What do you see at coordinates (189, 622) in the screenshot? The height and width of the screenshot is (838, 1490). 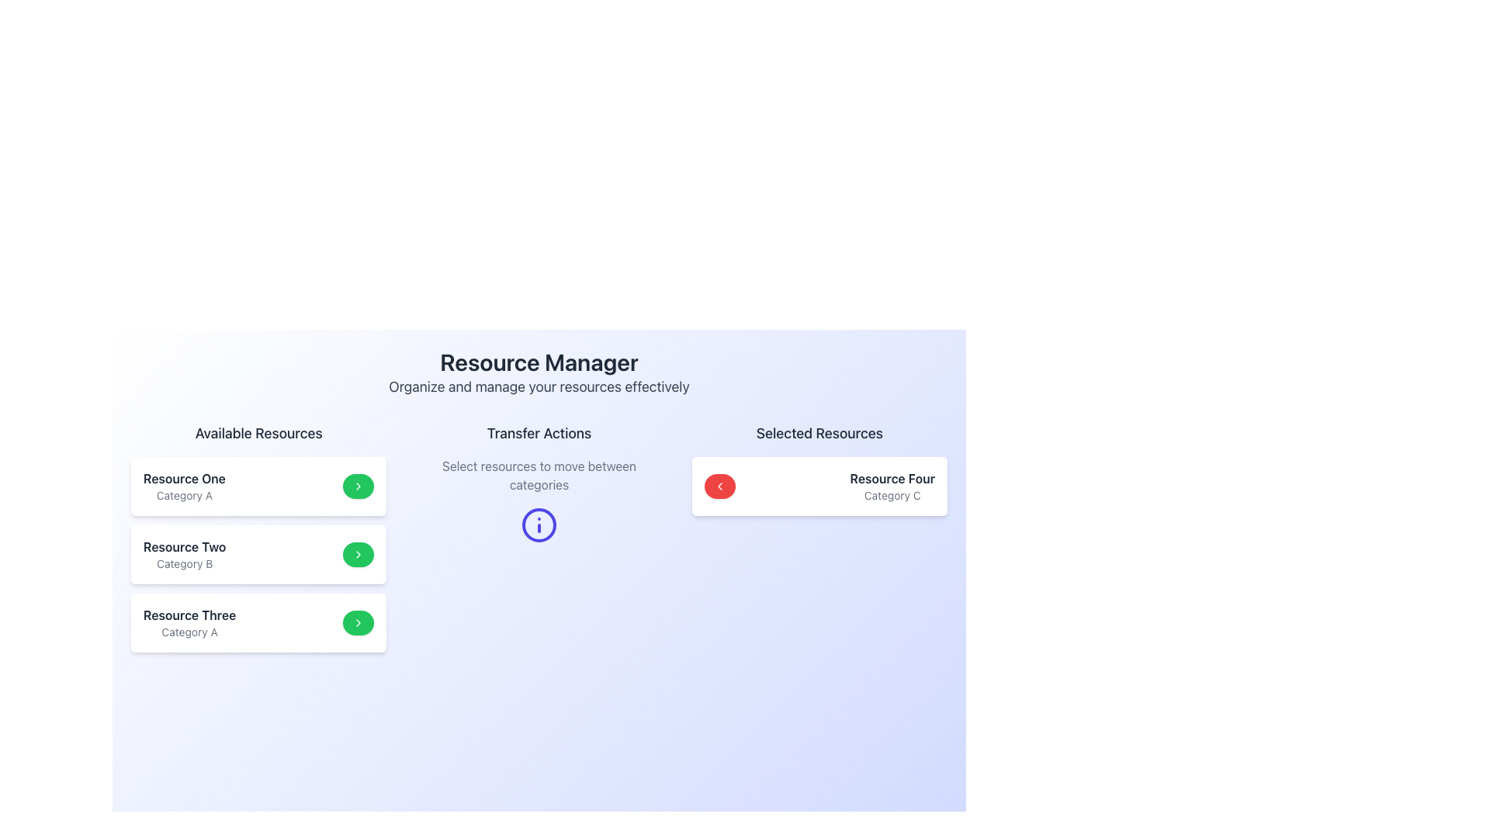 I see `the text element displaying resource information titled 'Resource Three' in the 'Available Resources' section, which is the third card in the list` at bounding box center [189, 622].